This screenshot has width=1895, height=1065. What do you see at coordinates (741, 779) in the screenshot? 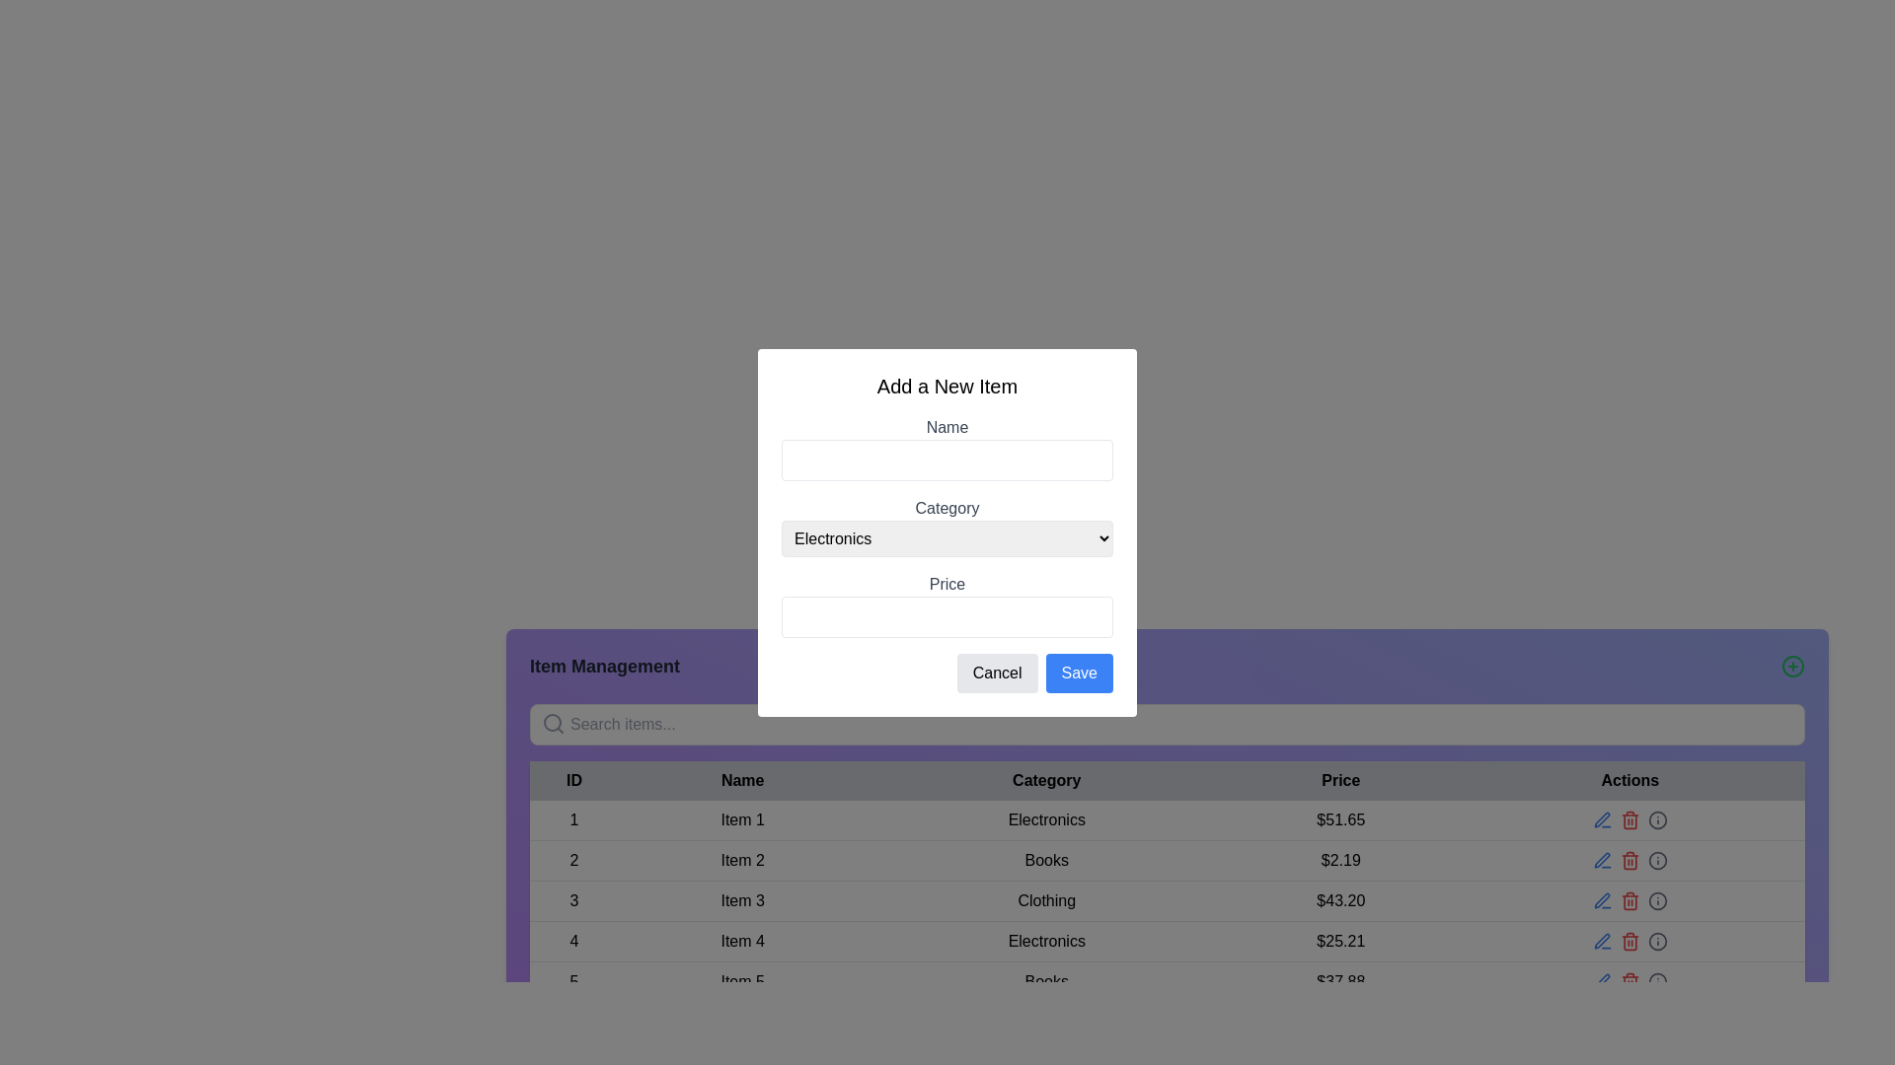
I see `the 'Name' header cell` at bounding box center [741, 779].